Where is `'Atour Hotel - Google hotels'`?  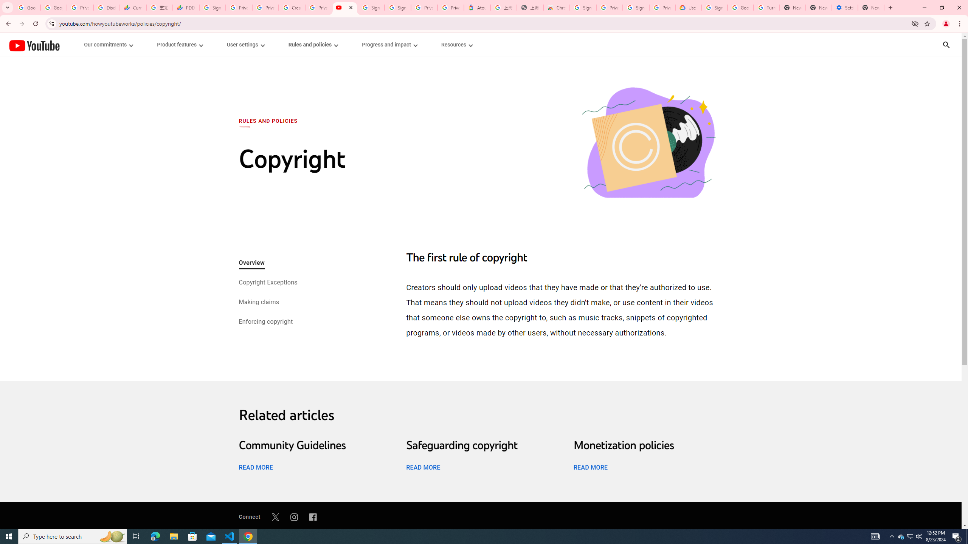
'Atour Hotel - Google hotels' is located at coordinates (477, 7).